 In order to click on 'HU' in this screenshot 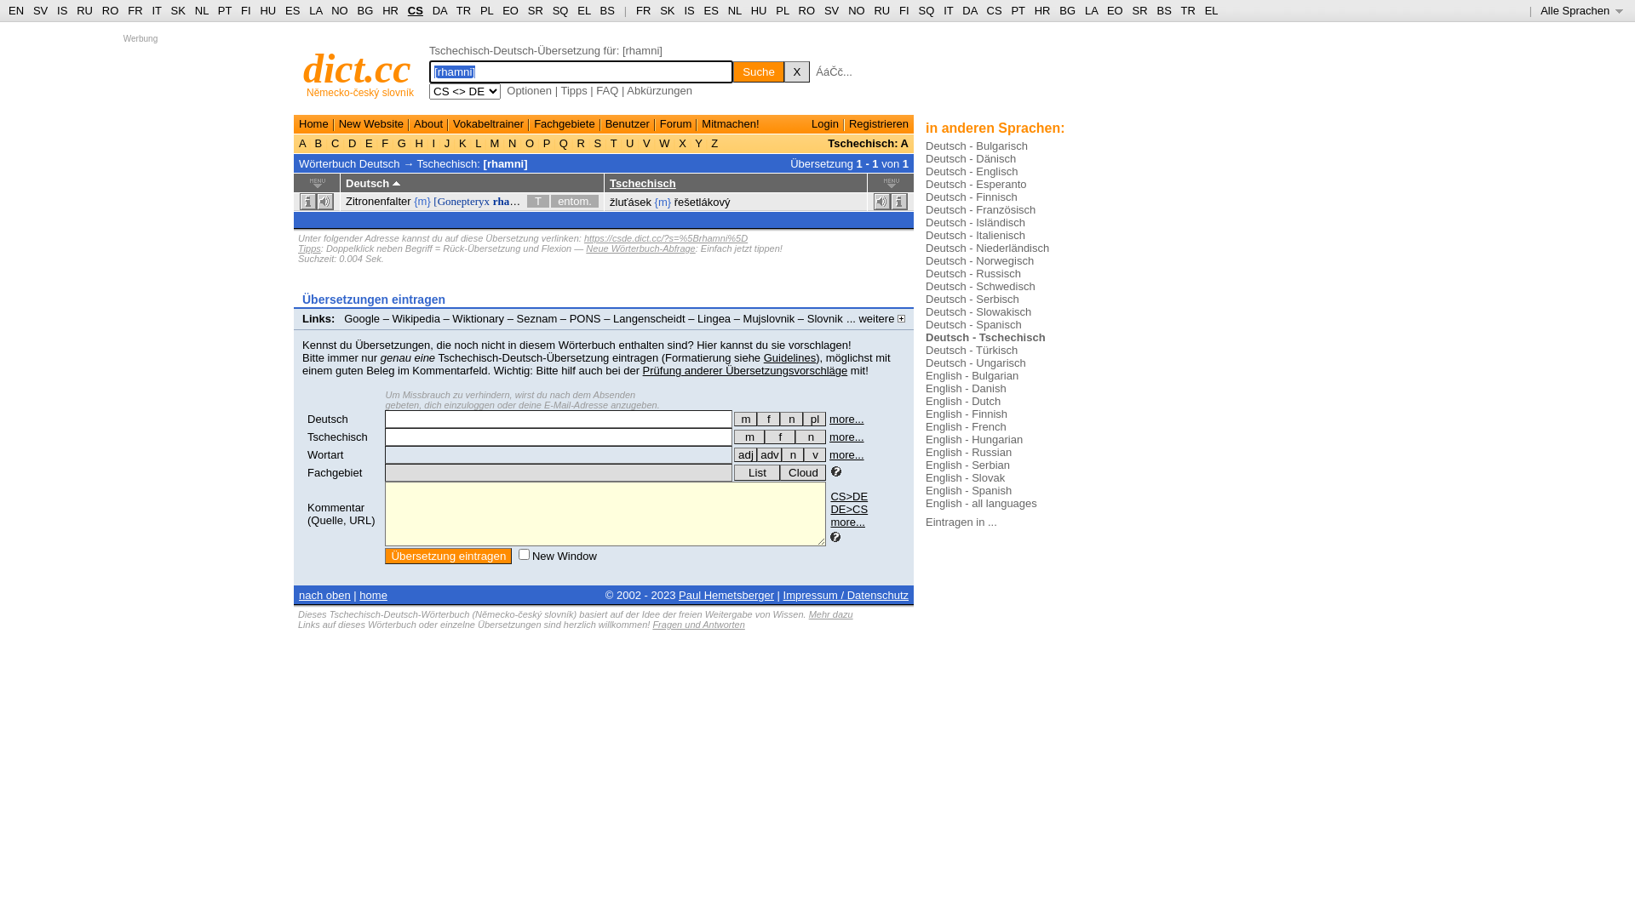, I will do `click(758, 10)`.